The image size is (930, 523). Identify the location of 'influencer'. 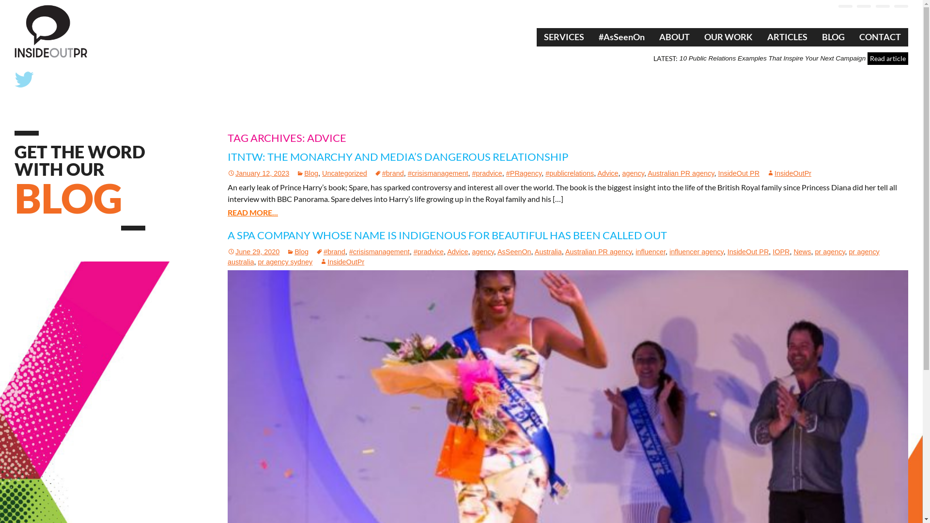
(651, 251).